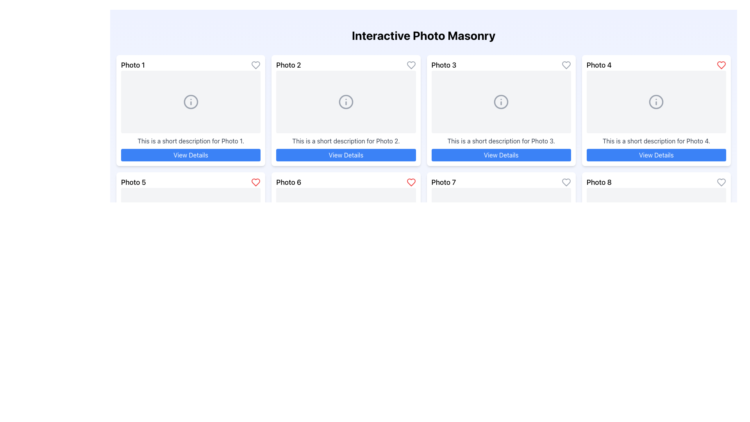  I want to click on the heart-shaped icon in the top right corner of the card labeled 'Photo 4', so click(721, 64).